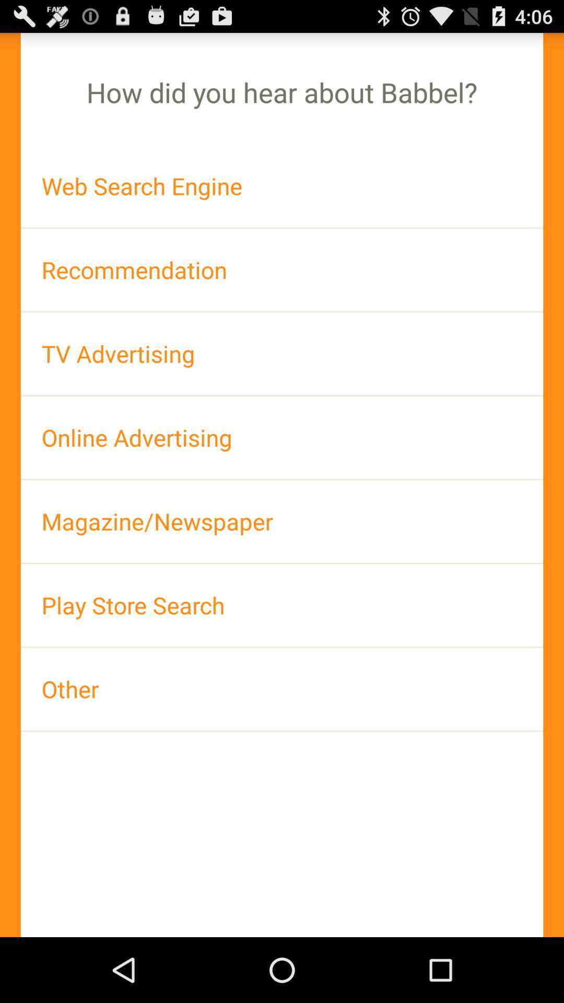 This screenshot has height=1003, width=564. What do you see at coordinates (282, 270) in the screenshot?
I see `icon below web search engine` at bounding box center [282, 270].